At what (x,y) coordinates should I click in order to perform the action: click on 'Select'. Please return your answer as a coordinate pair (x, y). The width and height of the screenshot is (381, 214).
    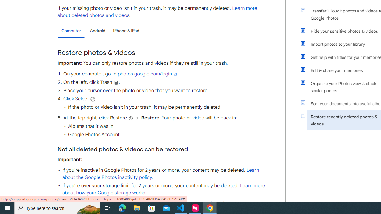
    Looking at the image, I should click on (92, 99).